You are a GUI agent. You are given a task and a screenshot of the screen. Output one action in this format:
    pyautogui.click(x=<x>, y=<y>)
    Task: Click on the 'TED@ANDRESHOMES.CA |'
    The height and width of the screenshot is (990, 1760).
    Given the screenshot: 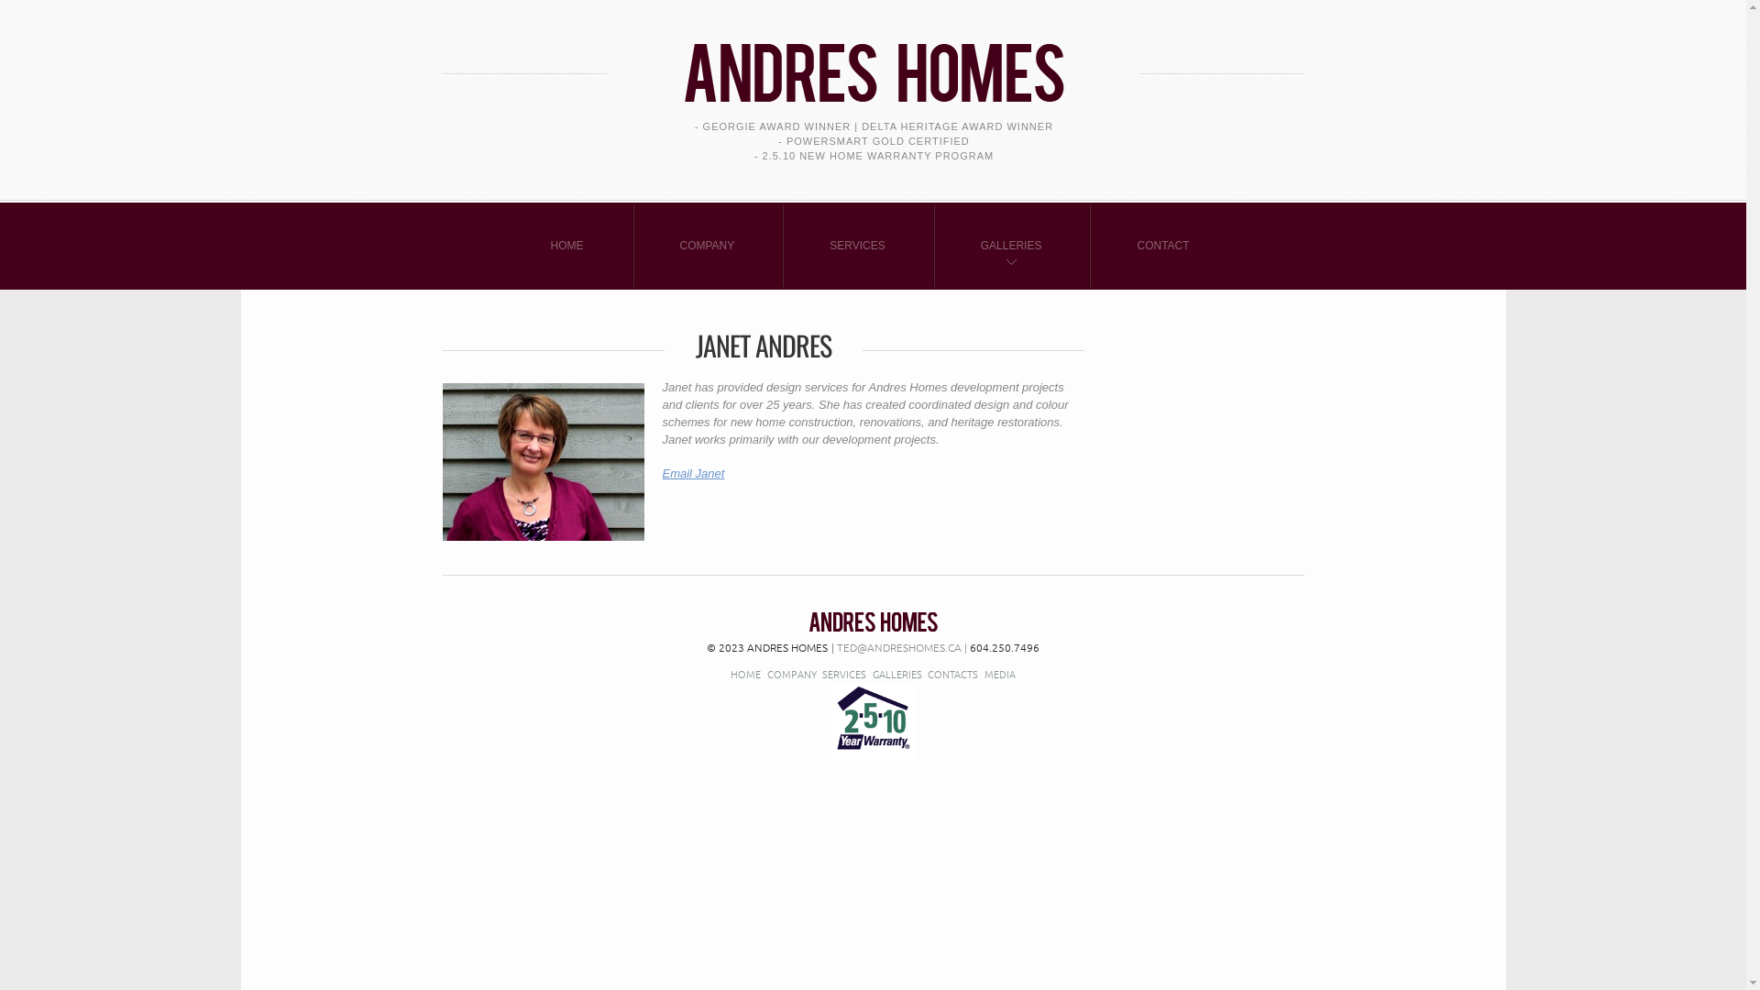 What is the action you would take?
    pyautogui.click(x=830, y=645)
    